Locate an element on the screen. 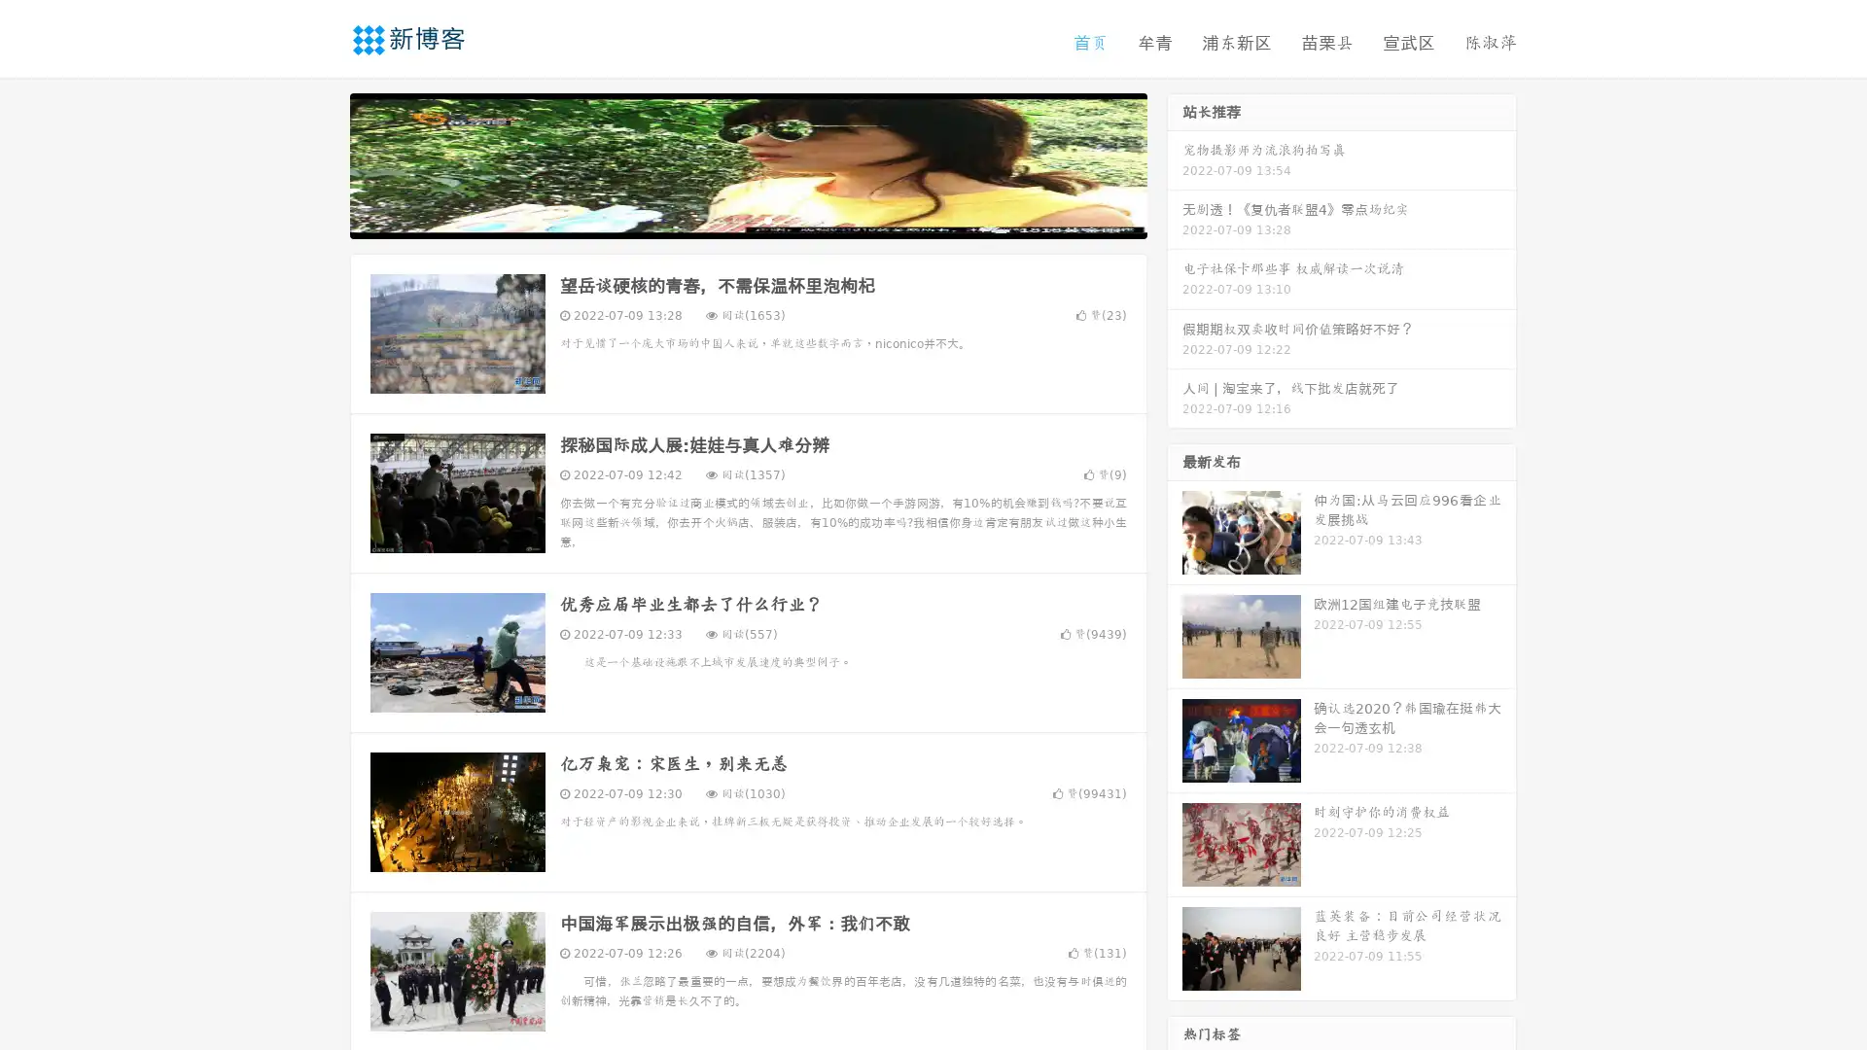 Image resolution: width=1867 pixels, height=1050 pixels. Go to slide 2 is located at coordinates (747, 219).